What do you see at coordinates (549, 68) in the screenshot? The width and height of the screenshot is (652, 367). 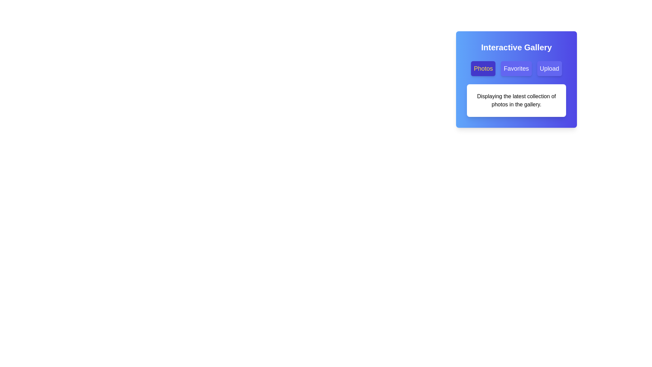 I see `the button` at bounding box center [549, 68].